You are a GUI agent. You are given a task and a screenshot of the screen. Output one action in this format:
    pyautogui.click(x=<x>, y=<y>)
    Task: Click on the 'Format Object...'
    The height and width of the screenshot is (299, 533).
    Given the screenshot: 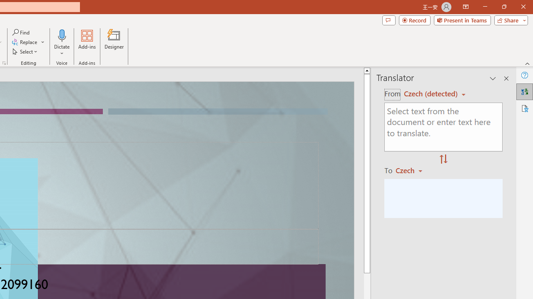 What is the action you would take?
    pyautogui.click(x=4, y=62)
    